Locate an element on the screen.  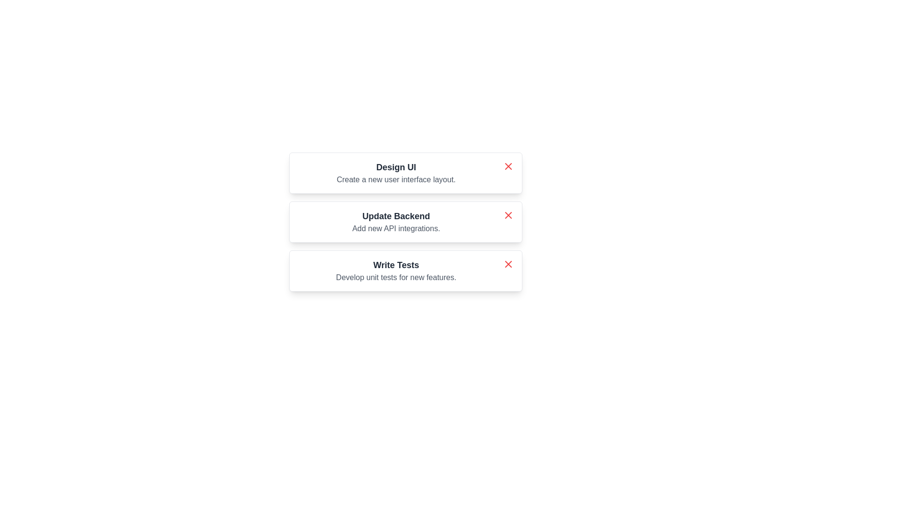
the static text block element displaying 'Design UI' and 'Create a new user interface layout' is located at coordinates (396, 173).